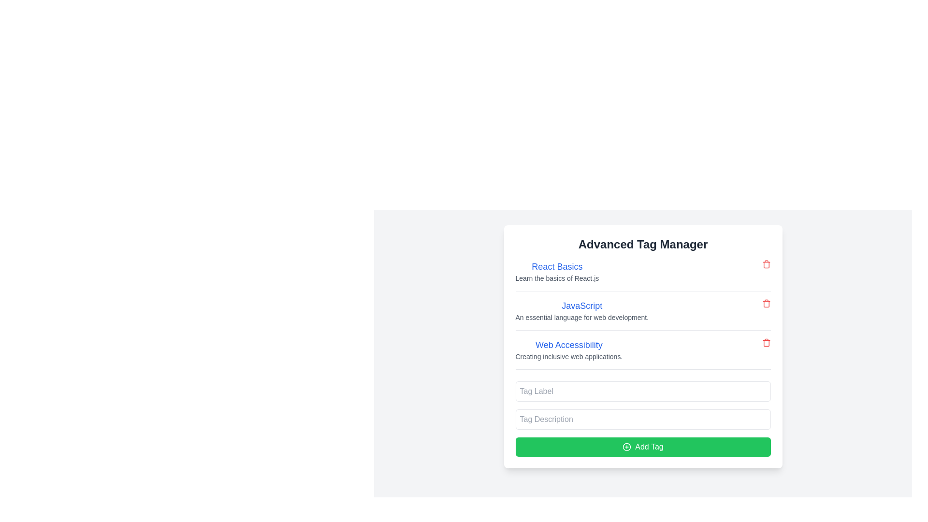 Image resolution: width=928 pixels, height=522 pixels. What do you see at coordinates (643, 315) in the screenshot?
I see `the list item titled 'JavaScript' within the 'Advanced Tag Manager' interface, which displays an educational topic and its description` at bounding box center [643, 315].